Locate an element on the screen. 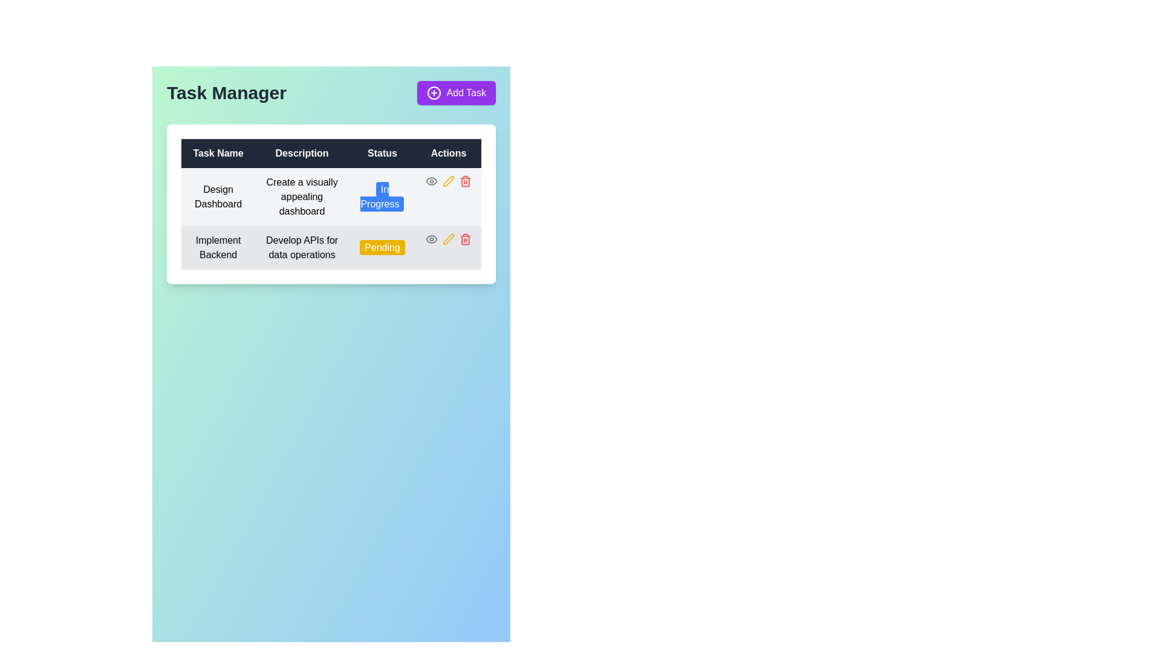 The width and height of the screenshot is (1161, 653). the header label indicating the status of tasks in the table, which is the third column from the left, located between 'Description' and 'Actions' is located at coordinates (382, 153).